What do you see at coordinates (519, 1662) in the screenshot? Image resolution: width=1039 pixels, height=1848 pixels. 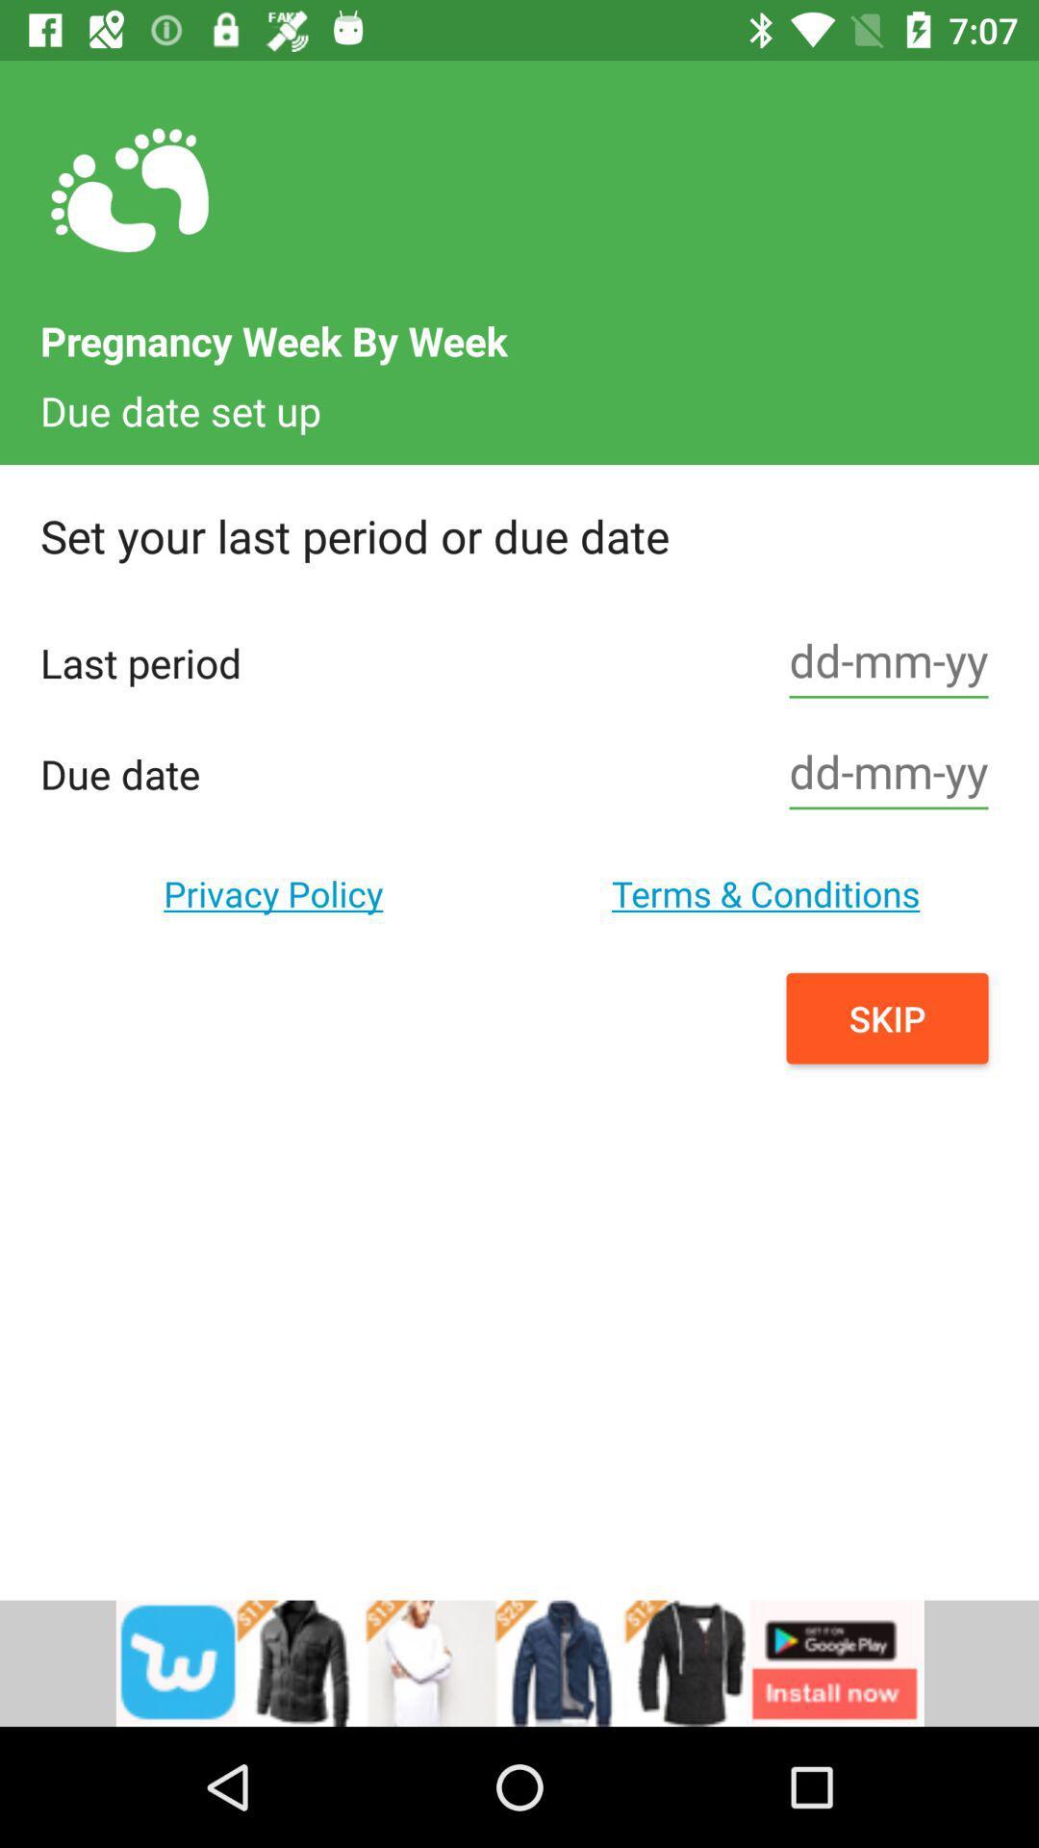 I see `install button` at bounding box center [519, 1662].